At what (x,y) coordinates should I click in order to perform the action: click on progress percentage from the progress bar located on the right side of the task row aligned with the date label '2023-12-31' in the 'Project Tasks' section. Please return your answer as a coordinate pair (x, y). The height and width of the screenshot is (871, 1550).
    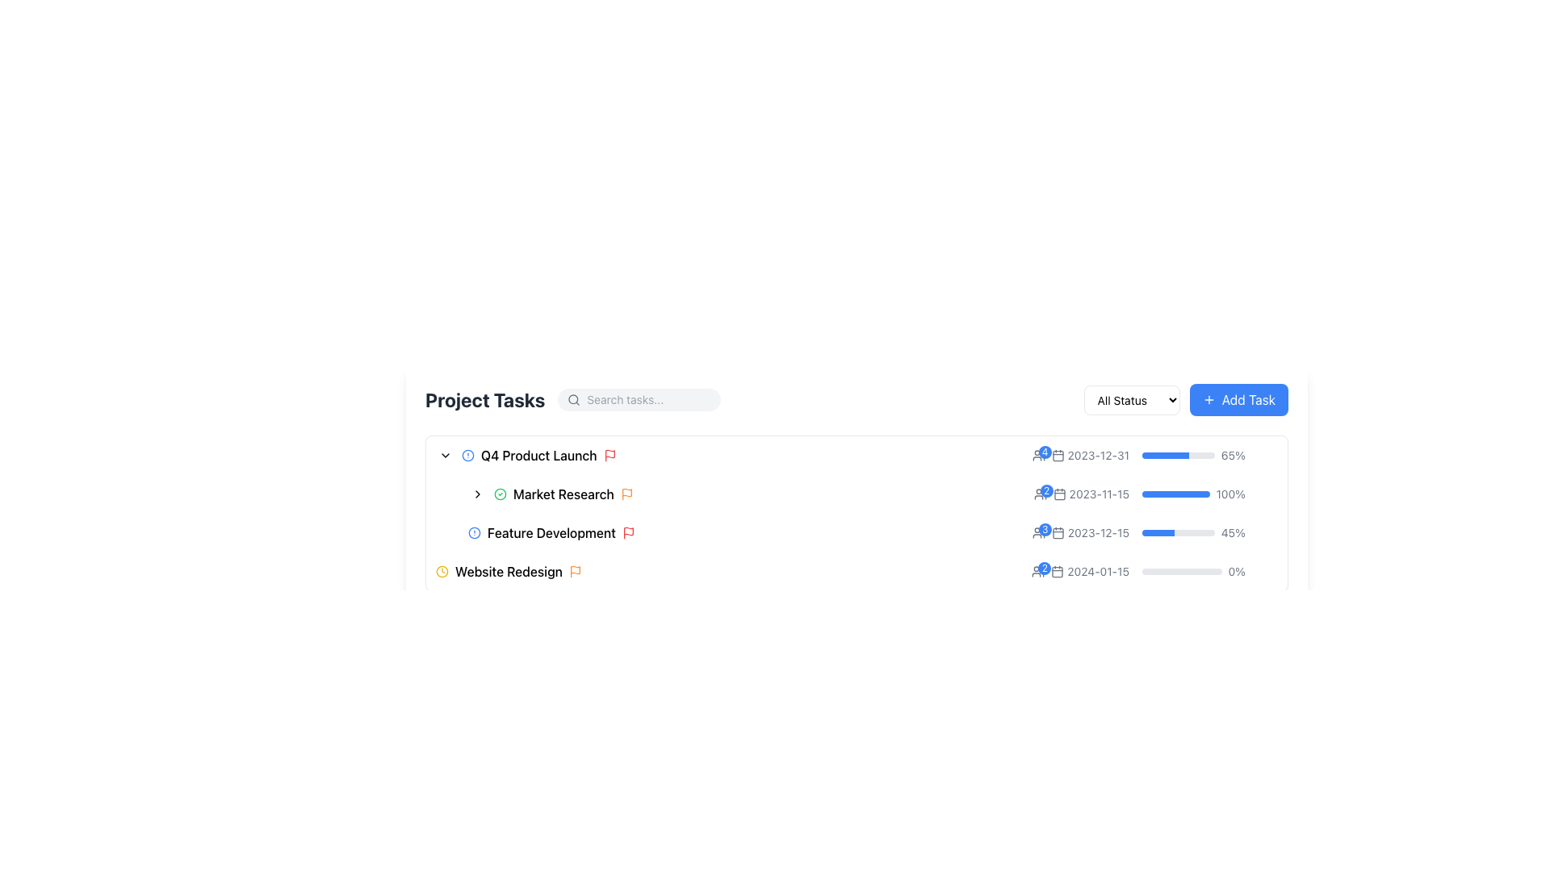
    Looking at the image, I should click on (1193, 455).